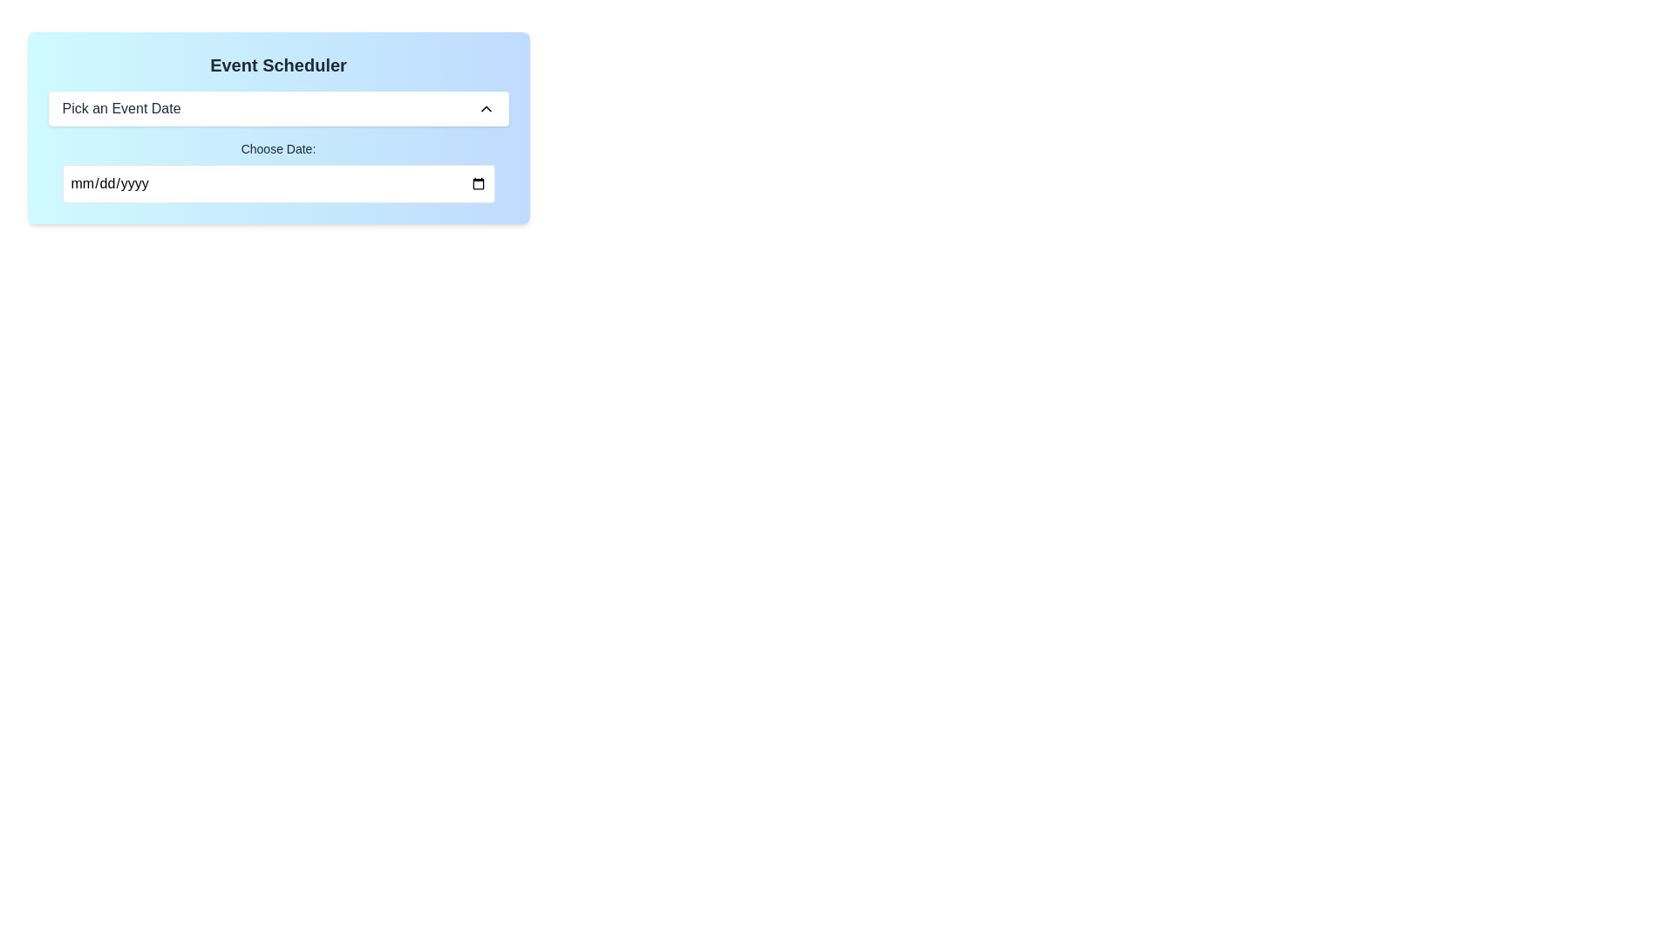 This screenshot has height=942, width=1674. Describe the element at coordinates (277, 147) in the screenshot. I see `the text label 'Choose Date:' which is styled in black on a light blue background and positioned above the date input field` at that location.